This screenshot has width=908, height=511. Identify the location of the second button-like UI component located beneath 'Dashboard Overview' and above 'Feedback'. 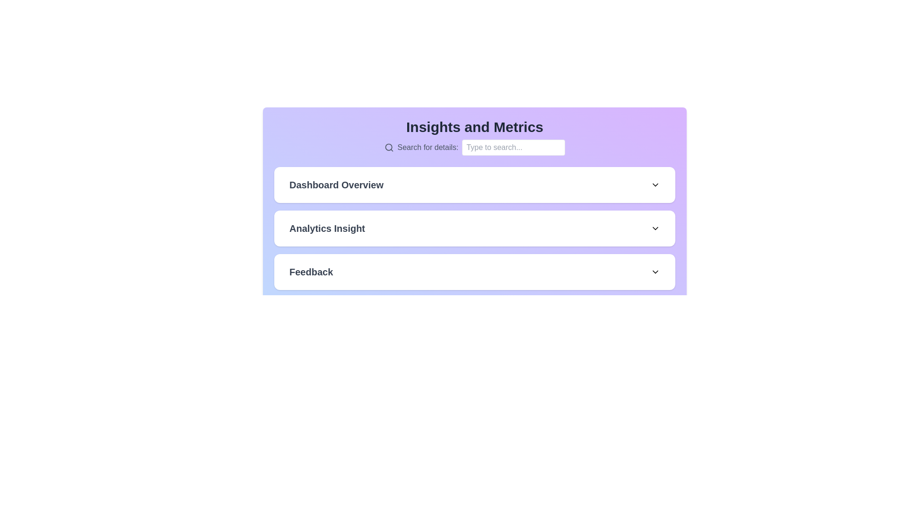
(474, 228).